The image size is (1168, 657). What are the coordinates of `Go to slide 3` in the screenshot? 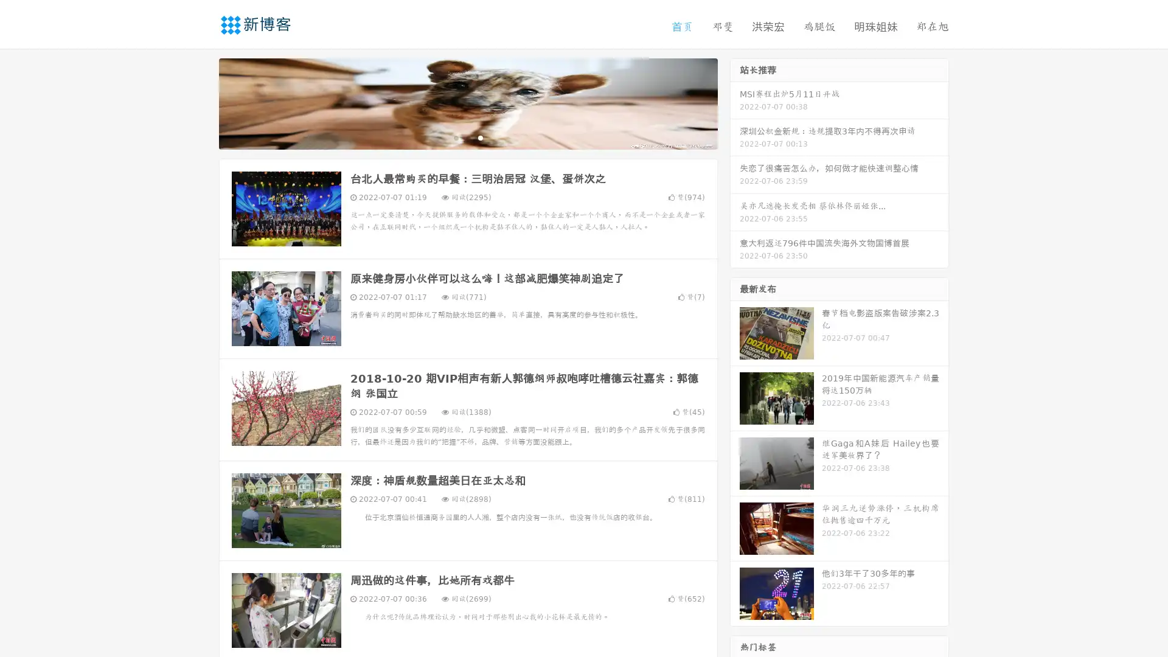 It's located at (480, 137).